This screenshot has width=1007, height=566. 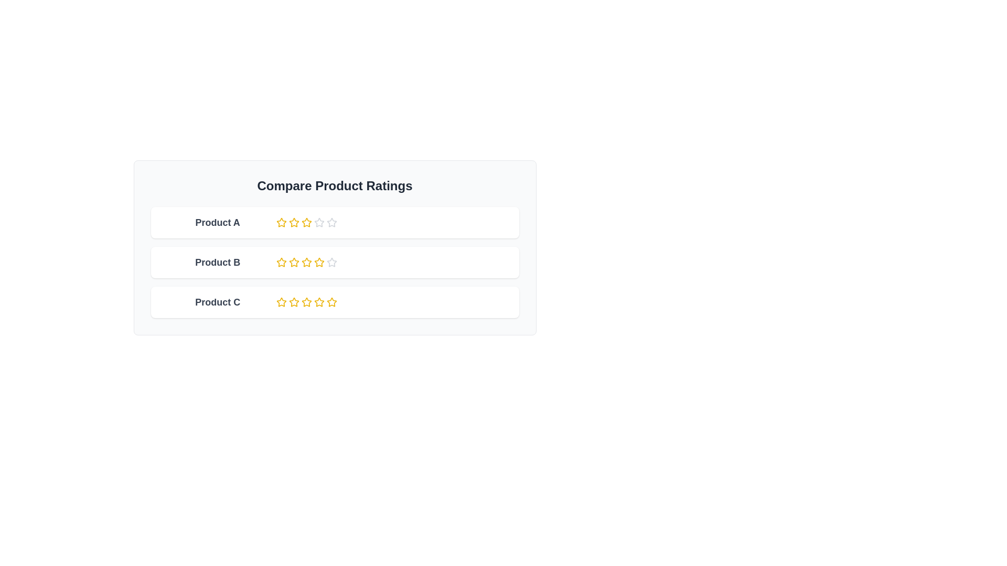 What do you see at coordinates (334, 302) in the screenshot?
I see `details of the rating display for Product C, which is visually represented by stars and is the third card in a vertical list of products` at bounding box center [334, 302].